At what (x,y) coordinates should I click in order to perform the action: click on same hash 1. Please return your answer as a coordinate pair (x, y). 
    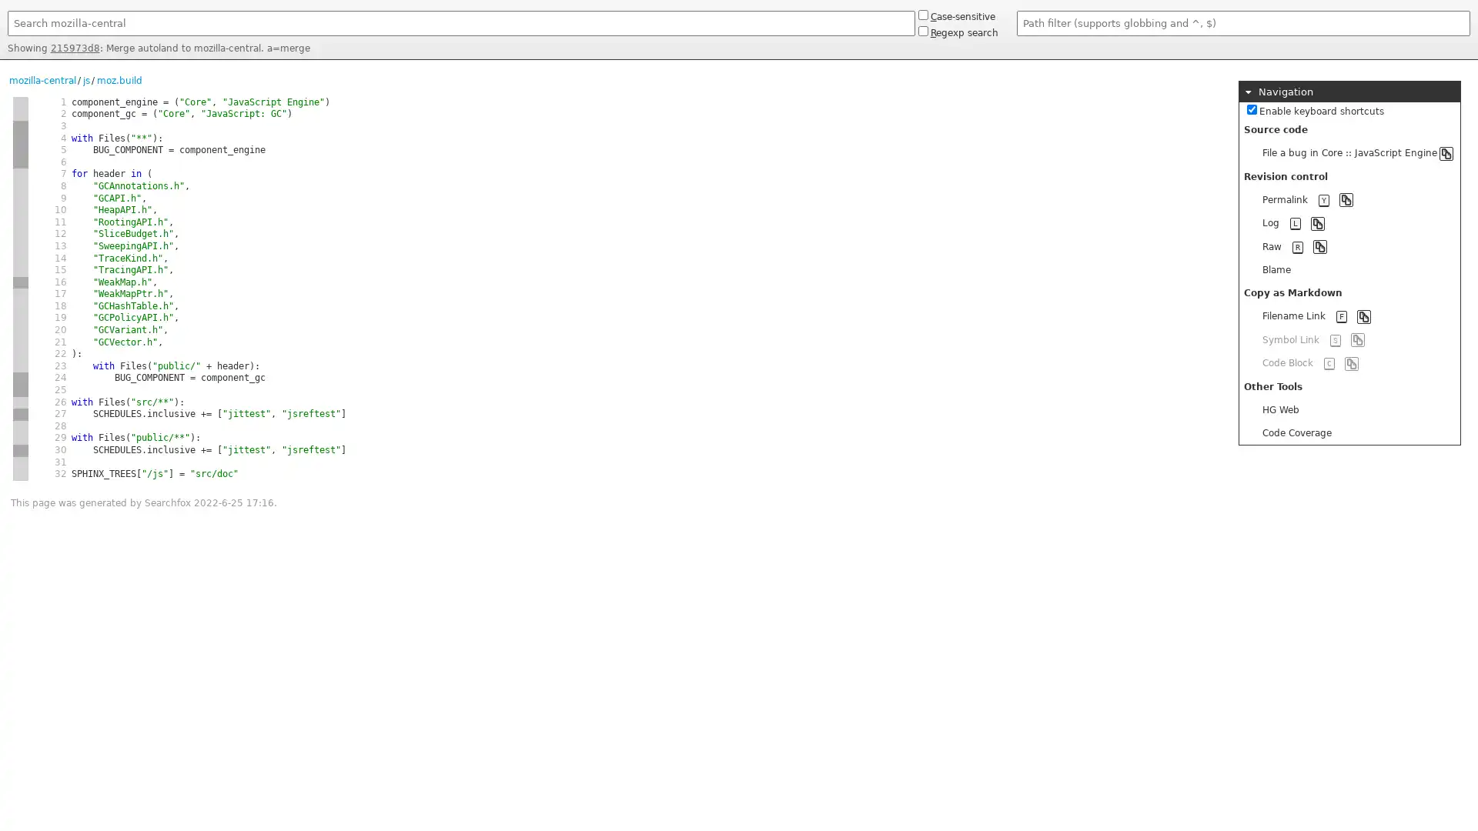
    Looking at the image, I should click on (21, 222).